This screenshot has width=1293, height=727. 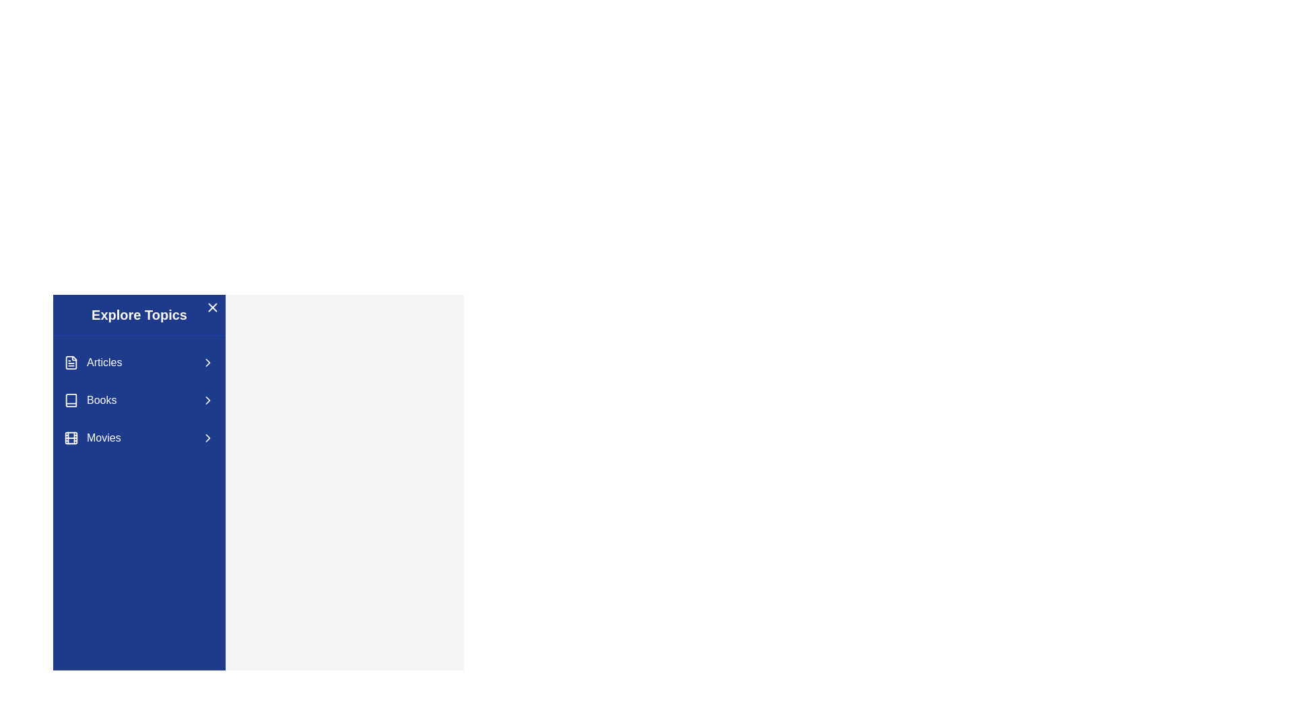 I want to click on the document icon with a blue background and white strokes, located next to the 'Articles' menu item in the left-side panel, so click(x=70, y=362).